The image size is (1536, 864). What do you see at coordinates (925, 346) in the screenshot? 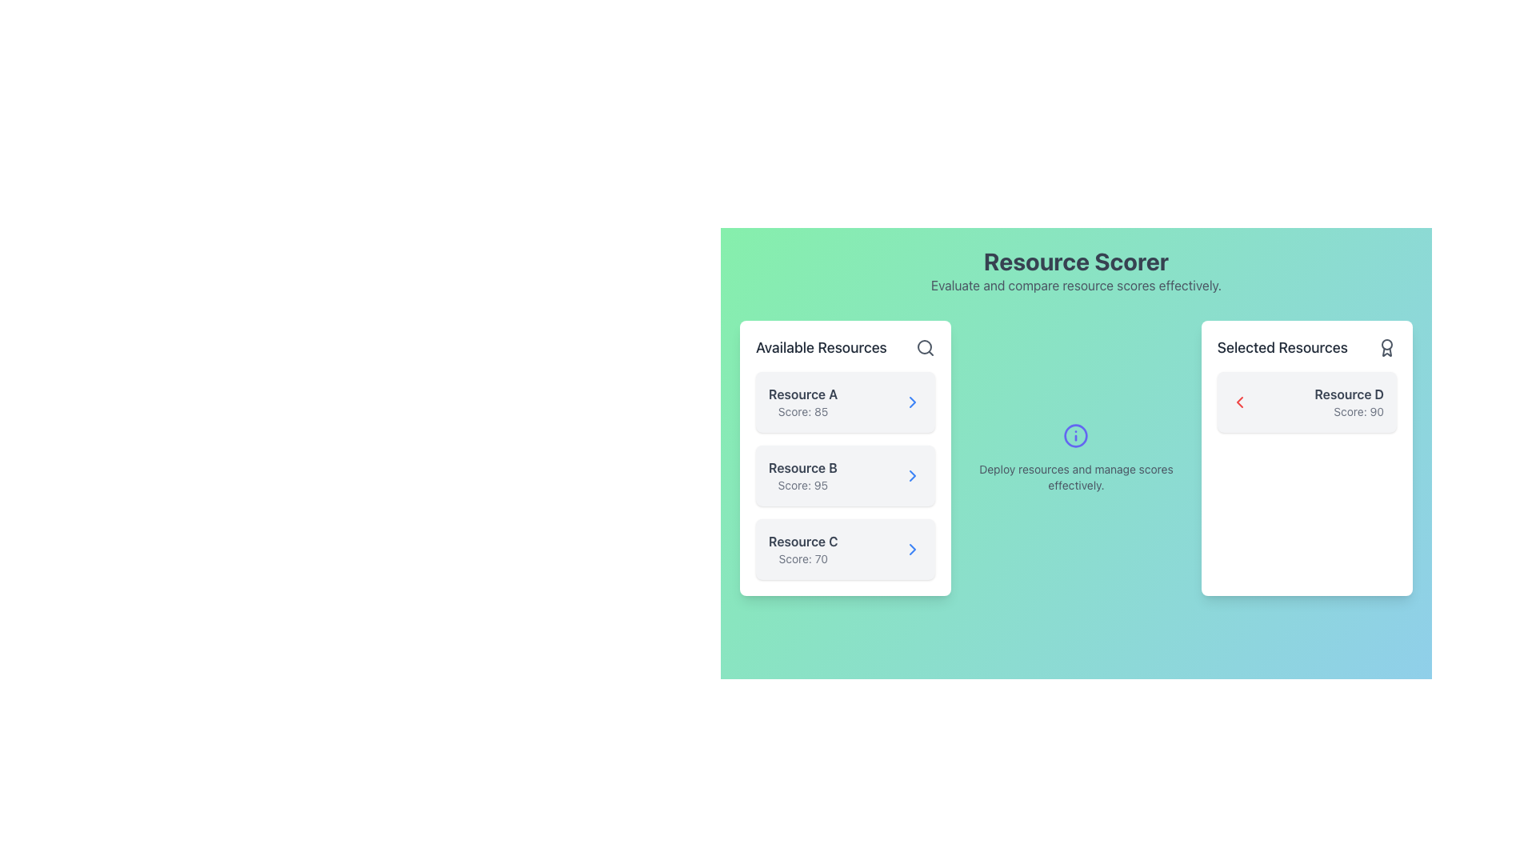
I see `the decorative SVG circle within the search icon located at the top-right corner of the 'Available Resources' section header, which is styled as an outlined circle` at bounding box center [925, 346].